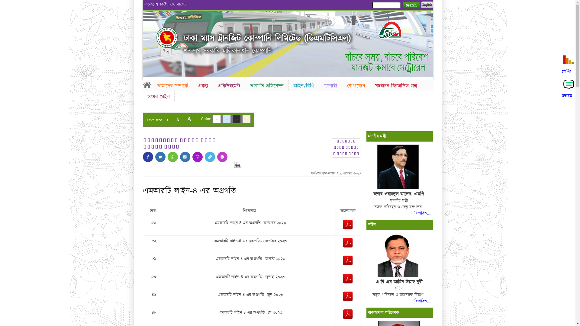 This screenshot has height=326, width=580. I want to click on 'English', so click(426, 5).